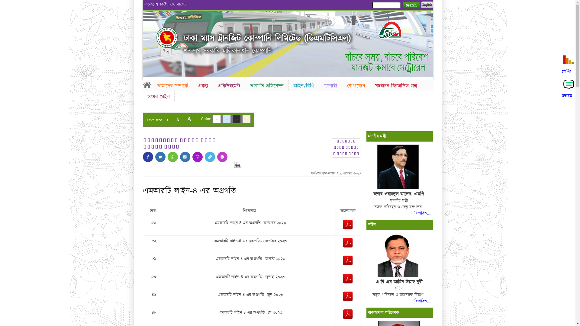 This screenshot has height=326, width=580. I want to click on 'English', so click(426, 5).